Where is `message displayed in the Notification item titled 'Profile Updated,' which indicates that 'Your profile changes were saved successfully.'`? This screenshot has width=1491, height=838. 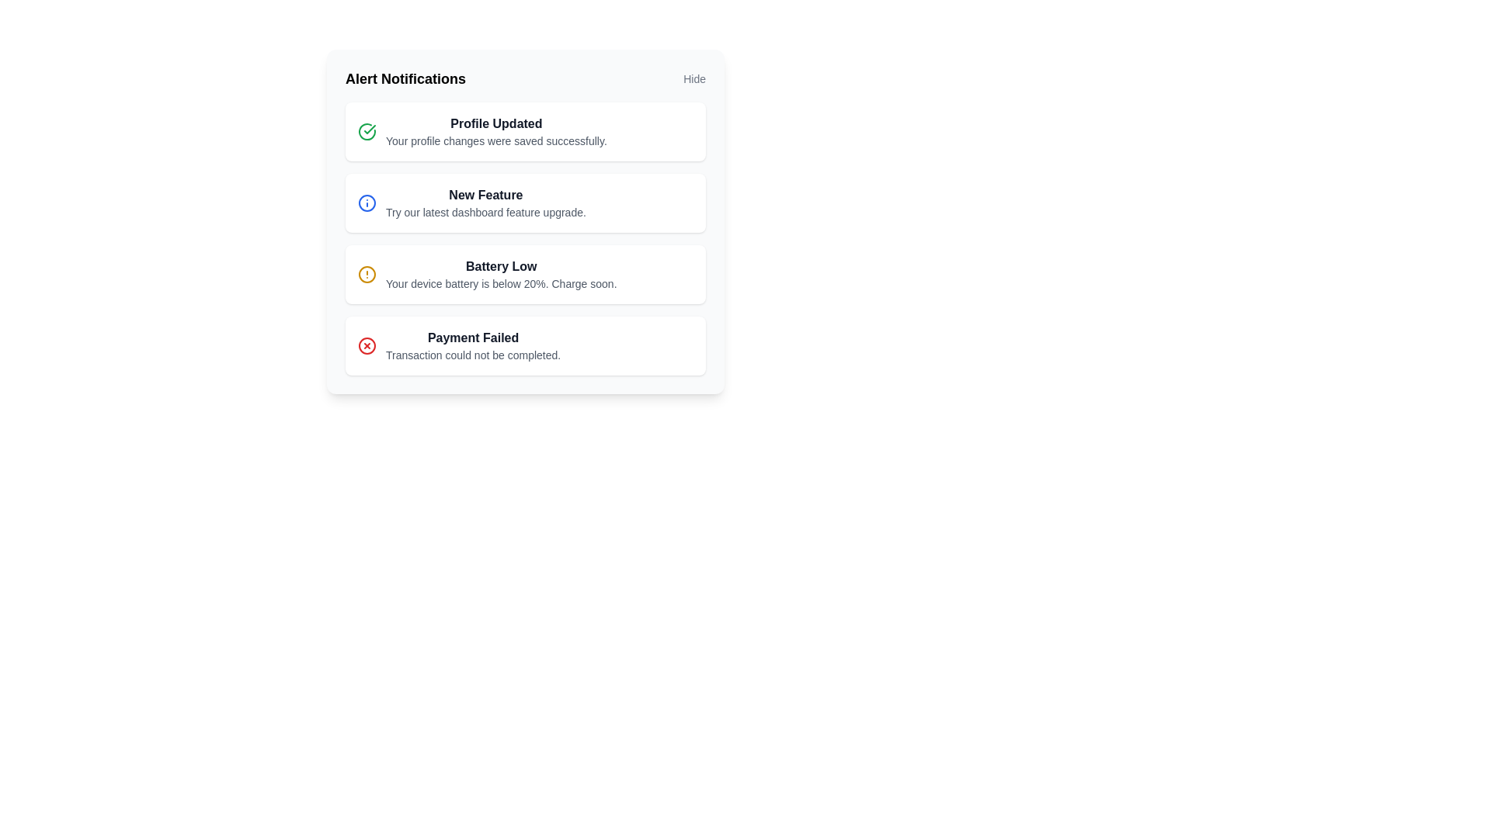 message displayed in the Notification item titled 'Profile Updated,' which indicates that 'Your profile changes were saved successfully.' is located at coordinates (495, 130).